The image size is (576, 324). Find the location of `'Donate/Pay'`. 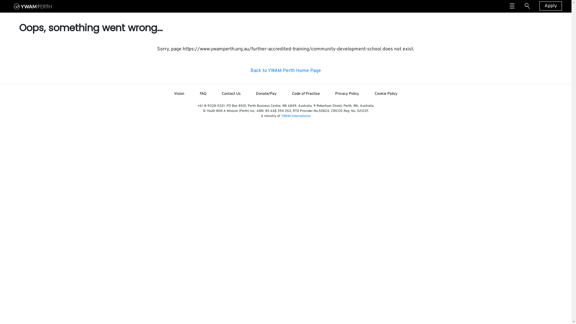

'Donate/Pay' is located at coordinates (266, 94).